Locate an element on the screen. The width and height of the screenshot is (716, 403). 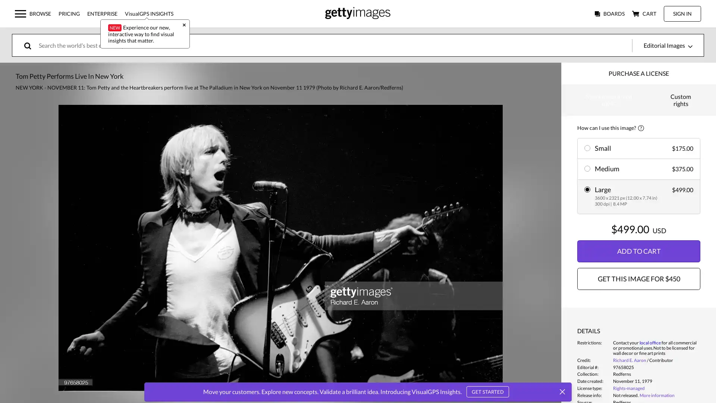
ADD TO CART is located at coordinates (638, 251).